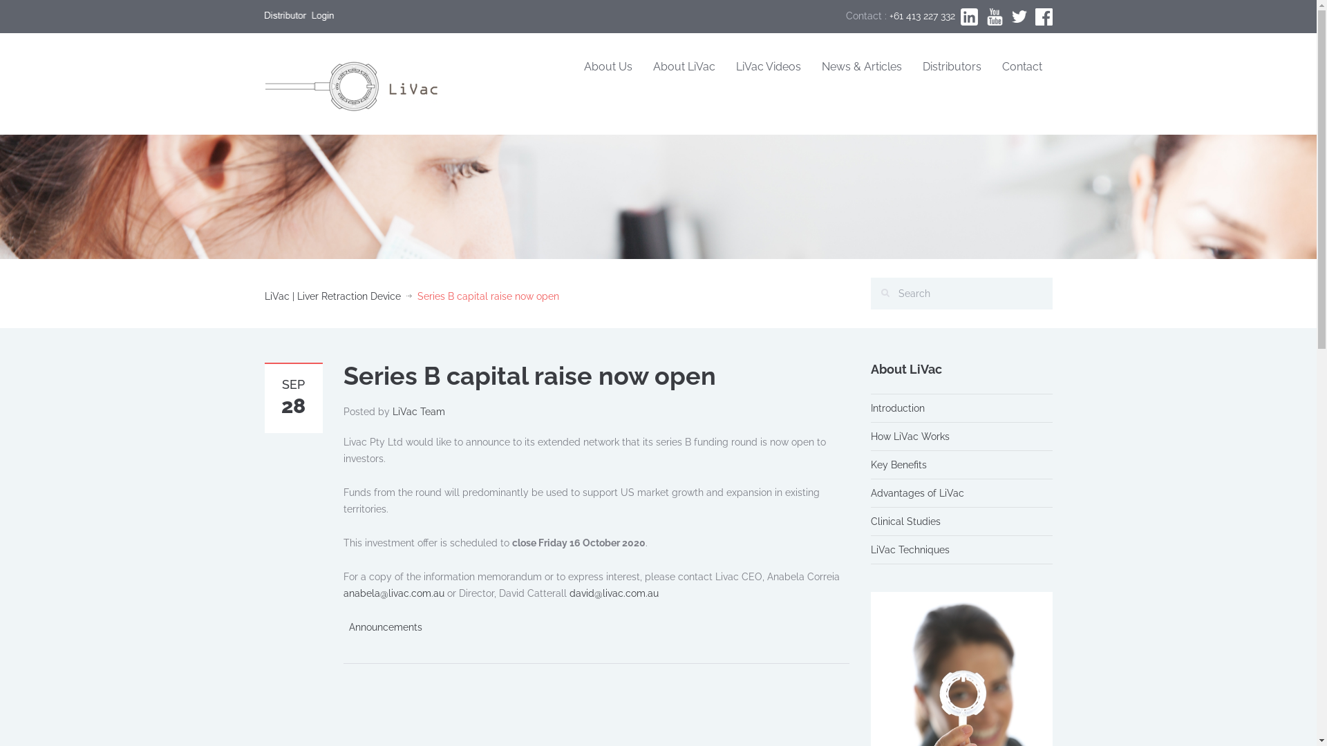 Image resolution: width=1327 pixels, height=746 pixels. I want to click on 'Introduction', so click(898, 407).